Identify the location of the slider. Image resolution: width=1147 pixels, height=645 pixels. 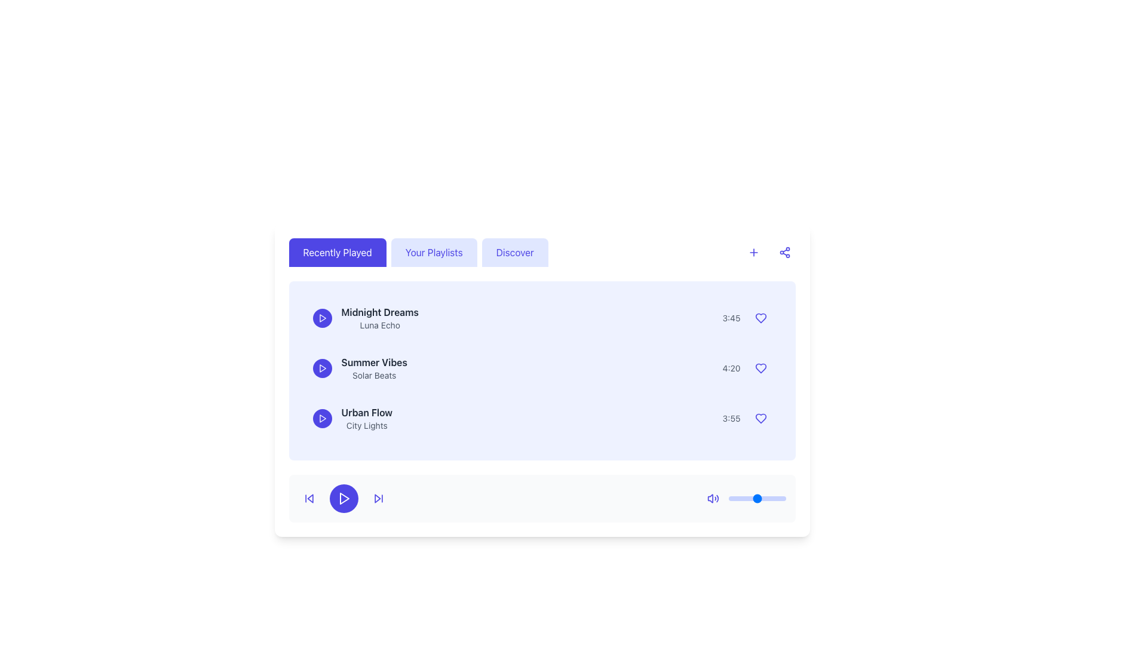
(765, 498).